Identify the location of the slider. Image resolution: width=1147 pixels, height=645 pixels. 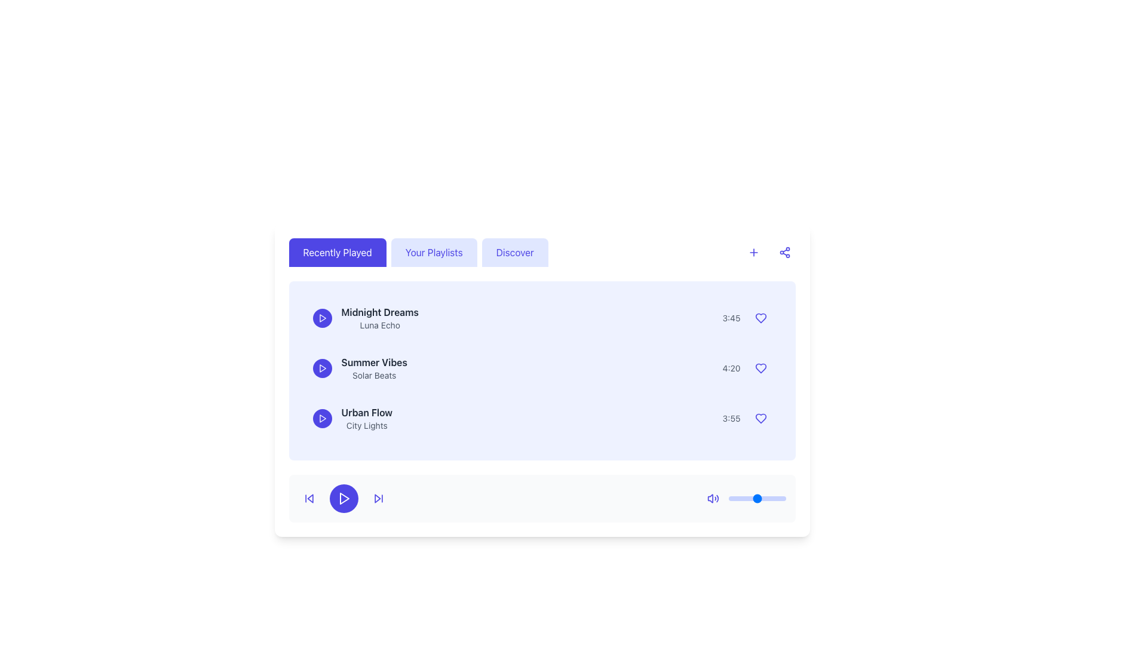
(765, 498).